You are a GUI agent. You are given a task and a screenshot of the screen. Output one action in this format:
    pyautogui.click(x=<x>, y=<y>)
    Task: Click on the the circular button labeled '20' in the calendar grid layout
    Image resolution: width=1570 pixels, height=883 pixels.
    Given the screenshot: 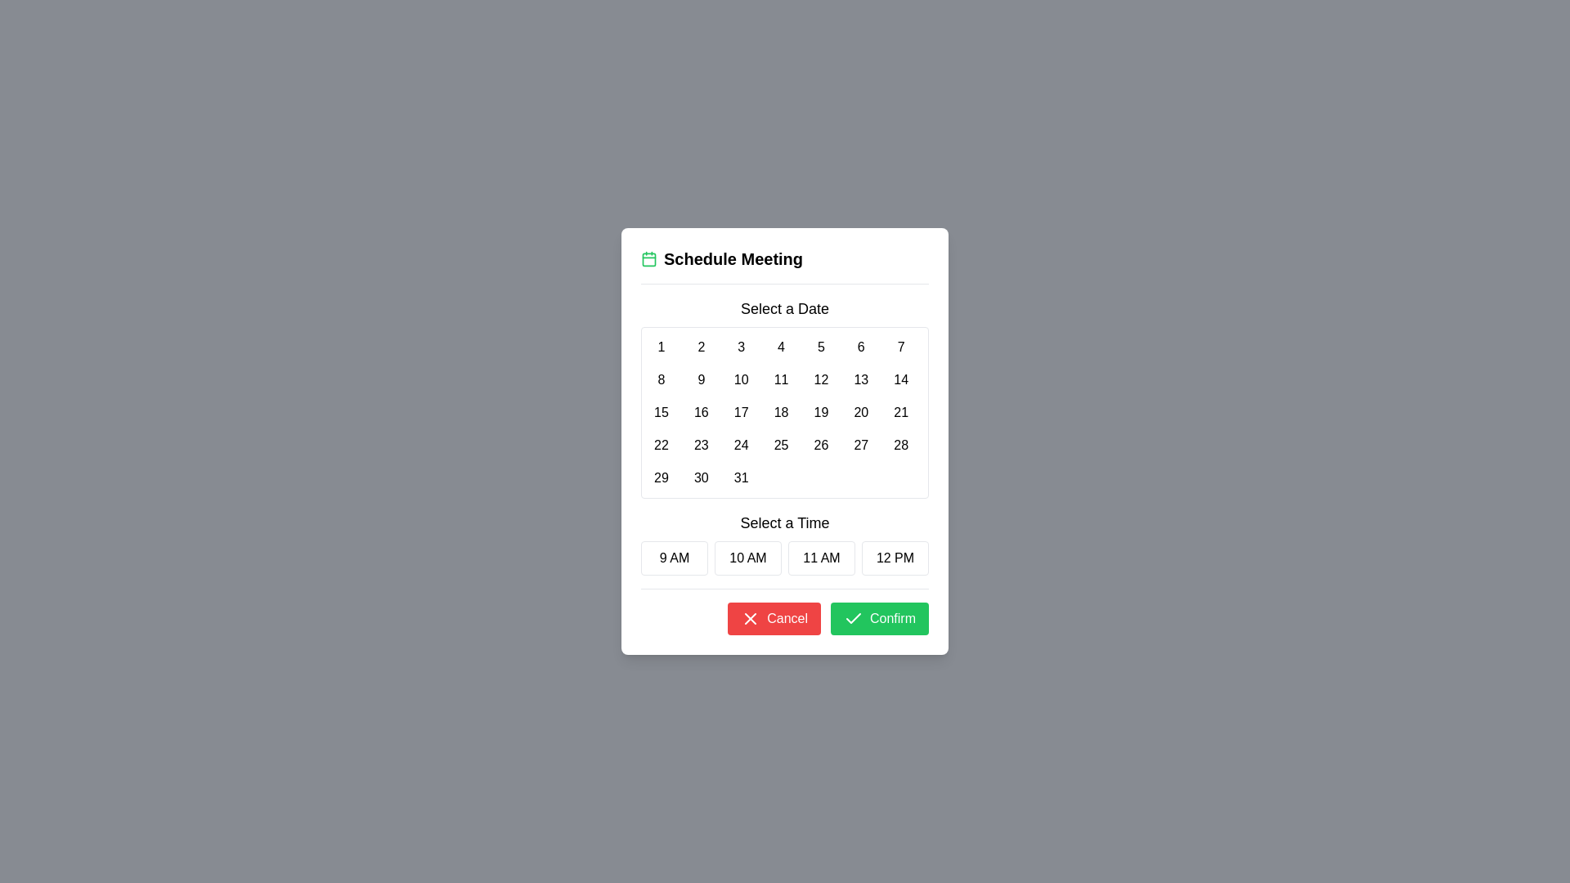 What is the action you would take?
    pyautogui.click(x=860, y=412)
    